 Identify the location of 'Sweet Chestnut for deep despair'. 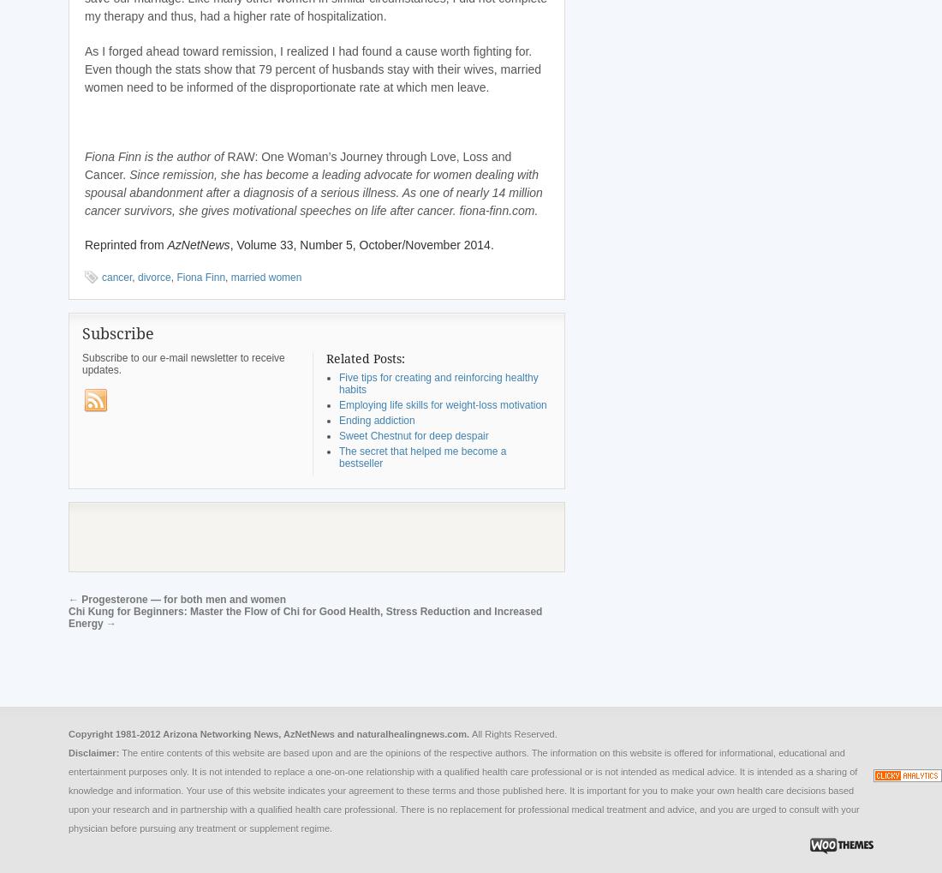
(338, 434).